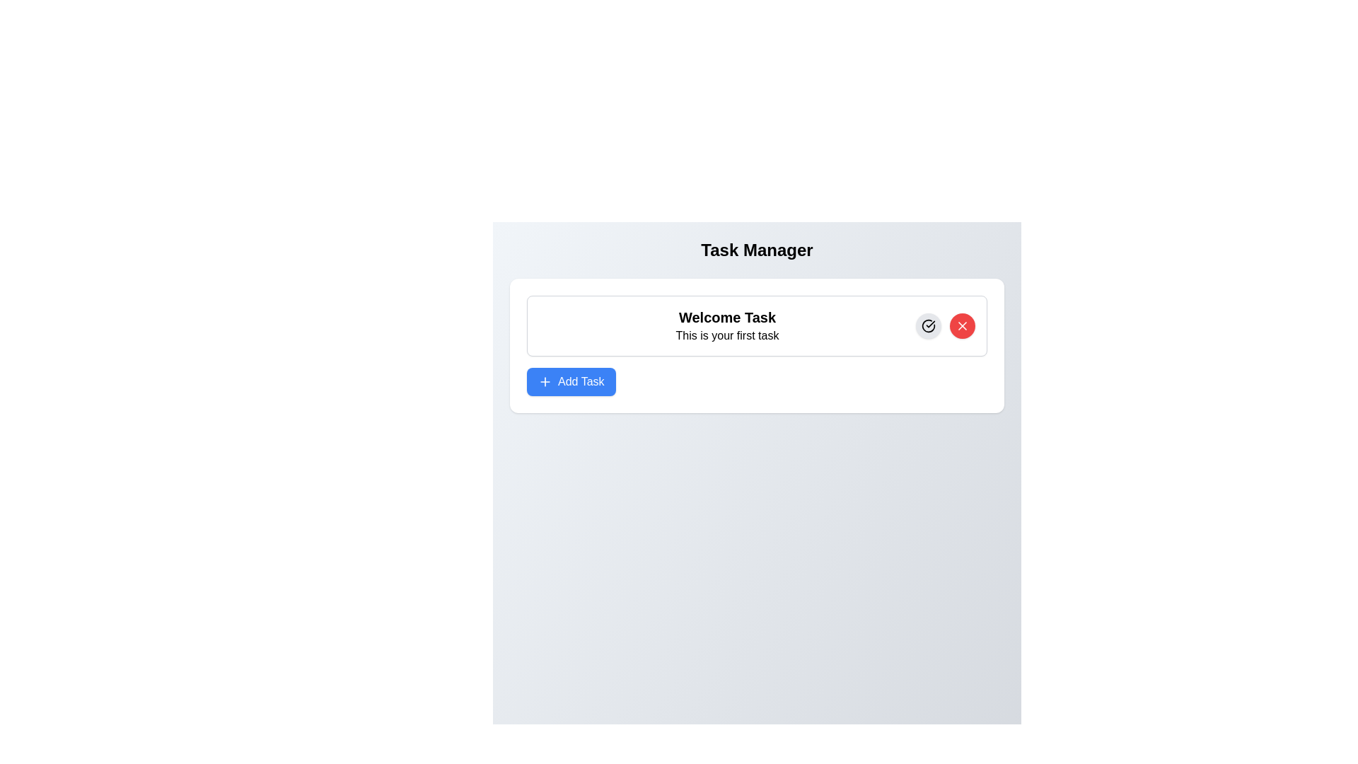 Image resolution: width=1358 pixels, height=764 pixels. What do you see at coordinates (727, 316) in the screenshot?
I see `the Text Label that serves as a header for the task, positioned at the top of the central panel below the title 'Task Manager'` at bounding box center [727, 316].